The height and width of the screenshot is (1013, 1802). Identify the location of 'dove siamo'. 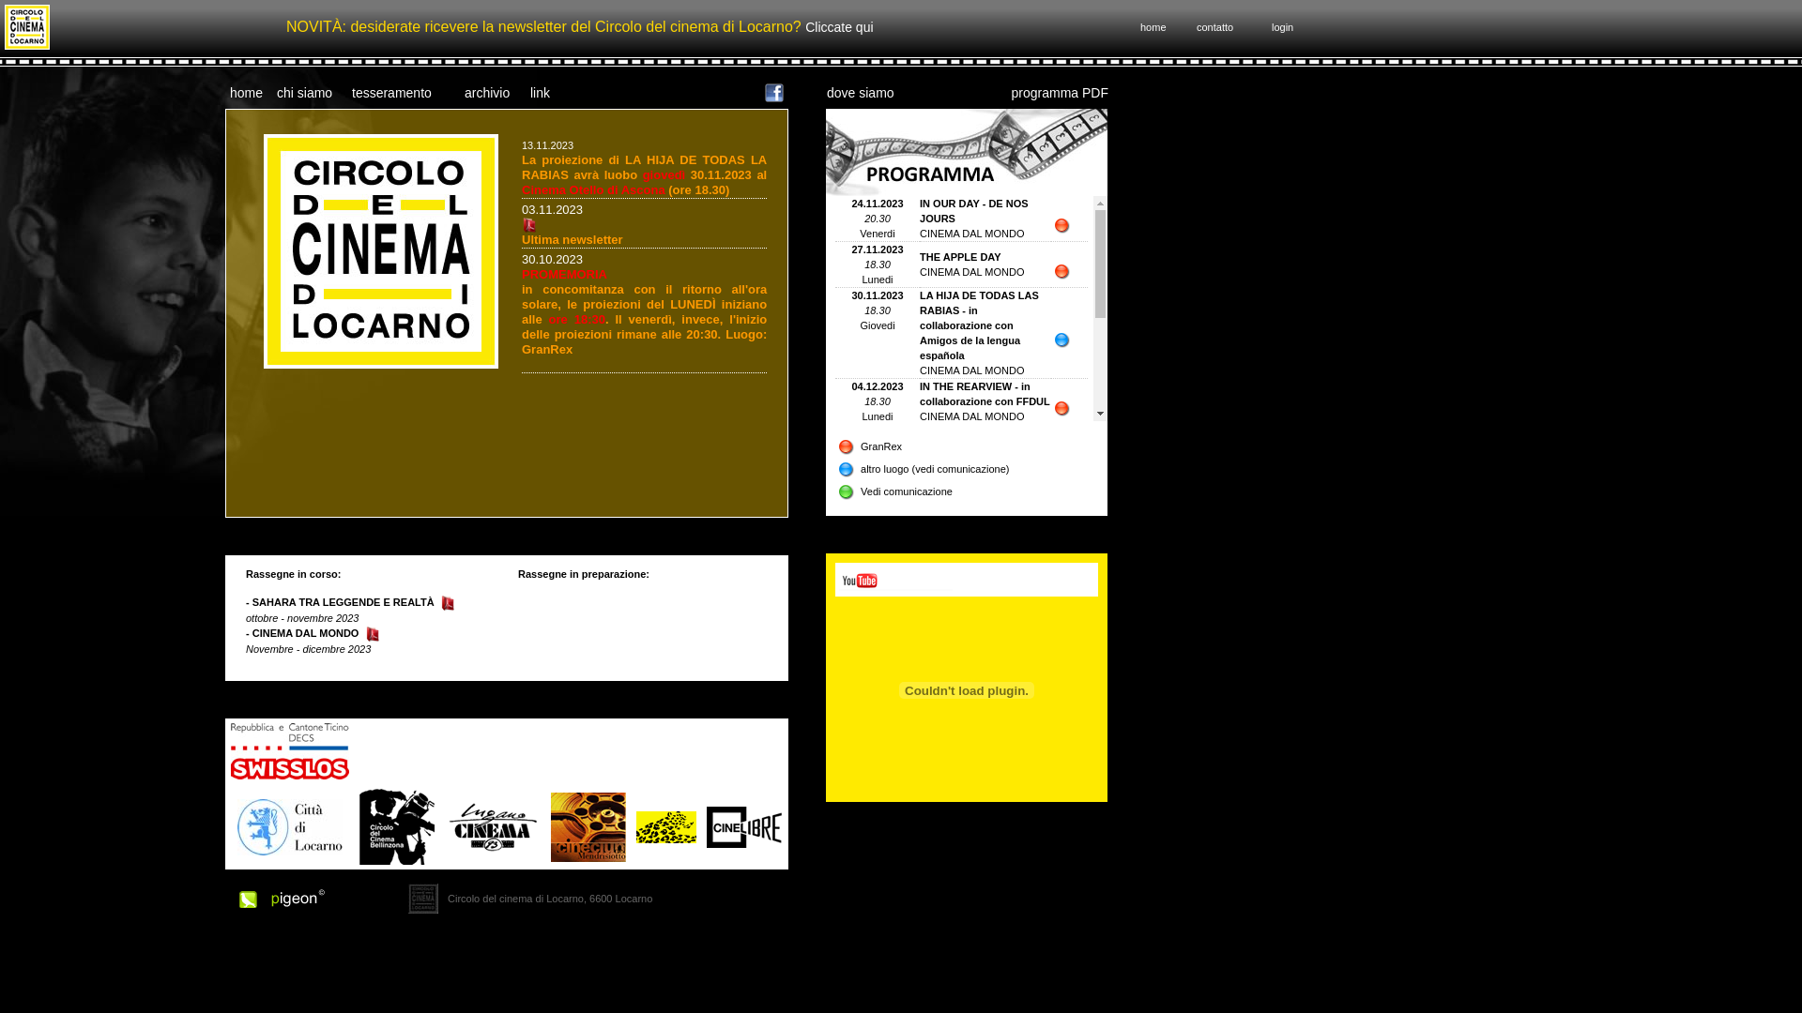
(826, 91).